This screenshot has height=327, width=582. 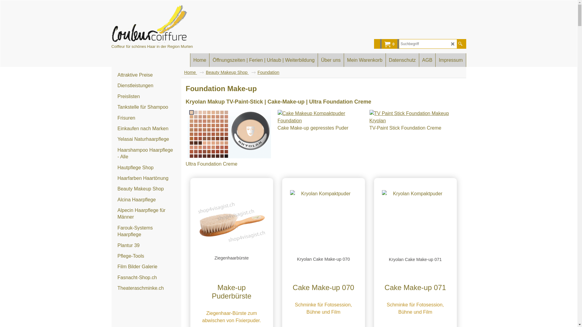 I want to click on 'Datenschutz', so click(x=385, y=60).